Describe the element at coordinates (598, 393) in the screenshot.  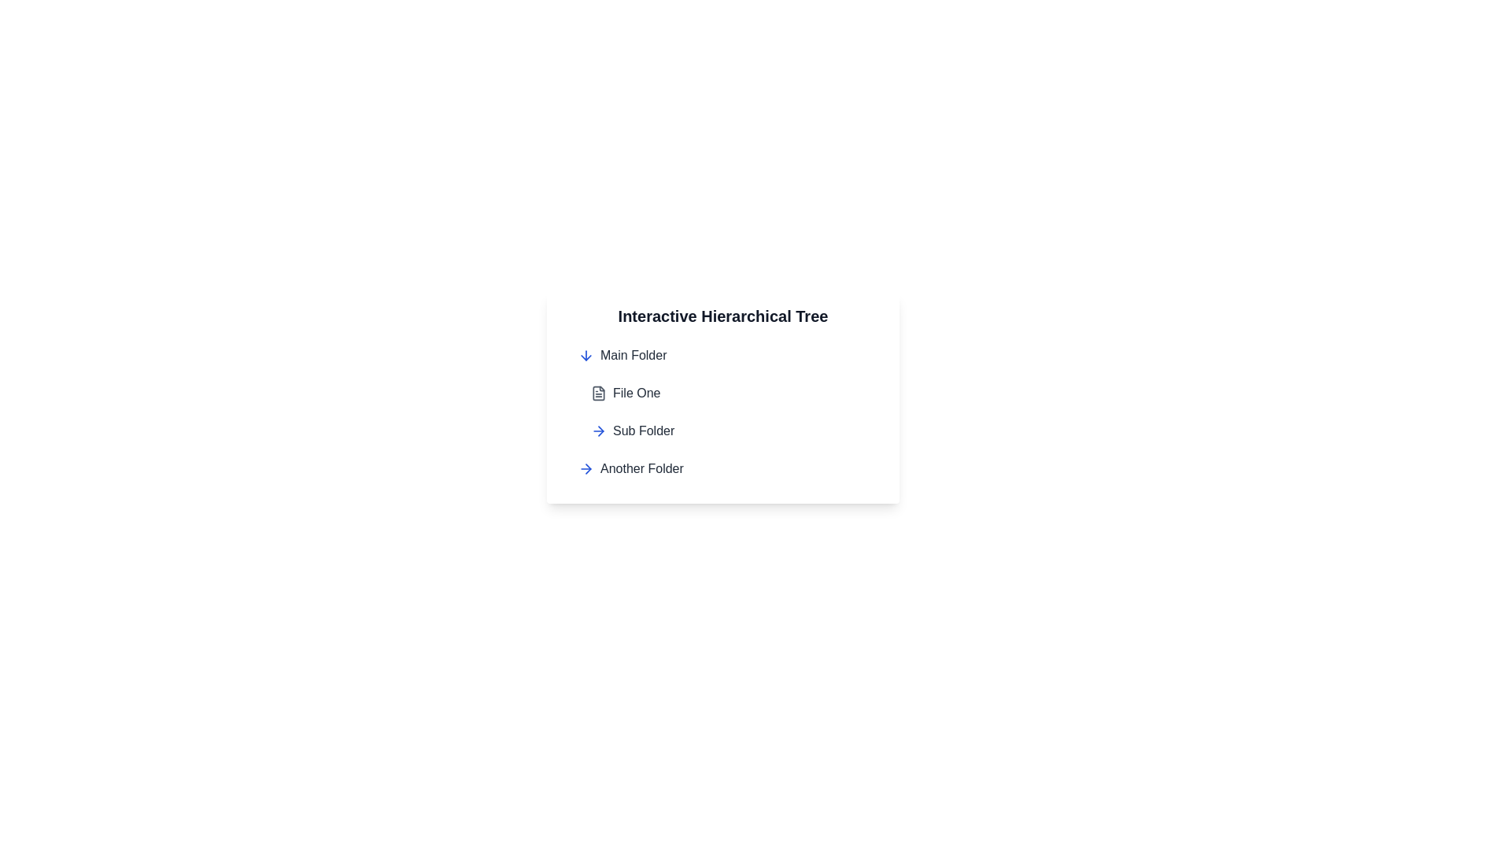
I see `the 'File One' icon, which is a gray outlined document icon with a folded corner, located in the hierarchical tree structure` at that location.